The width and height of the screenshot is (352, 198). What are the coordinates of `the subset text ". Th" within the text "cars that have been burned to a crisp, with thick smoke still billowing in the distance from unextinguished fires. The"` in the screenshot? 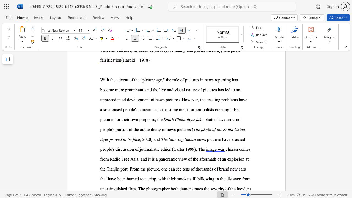 It's located at (136, 188).